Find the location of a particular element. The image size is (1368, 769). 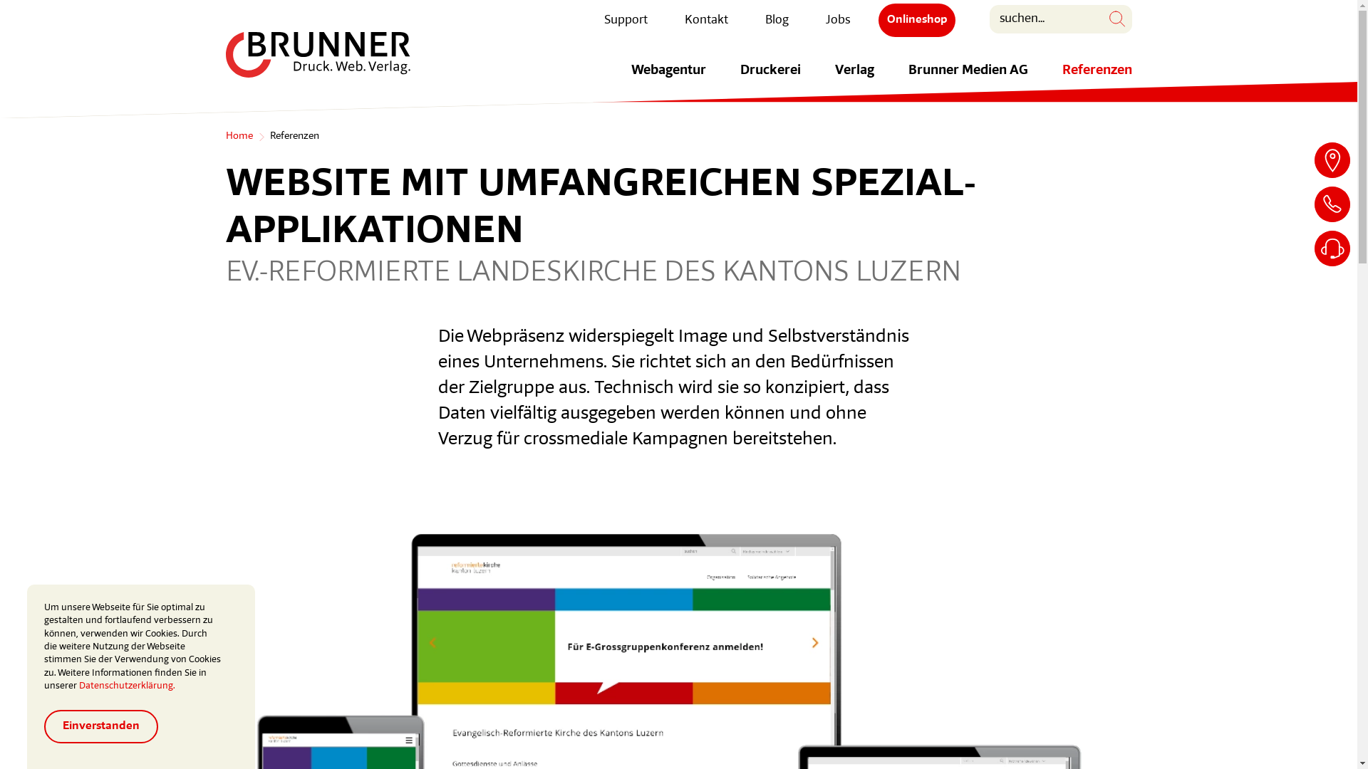

'Referenzen' is located at coordinates (1096, 79).